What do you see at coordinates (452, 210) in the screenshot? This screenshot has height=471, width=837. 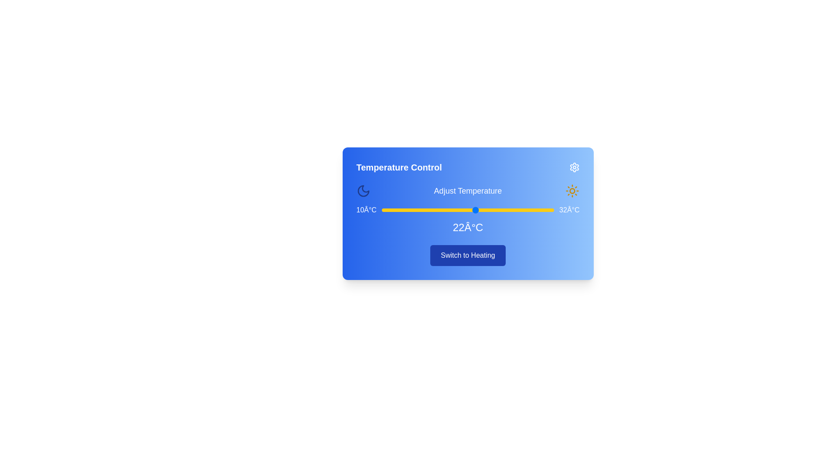 I see `the temperature to 19°C using the slider` at bounding box center [452, 210].